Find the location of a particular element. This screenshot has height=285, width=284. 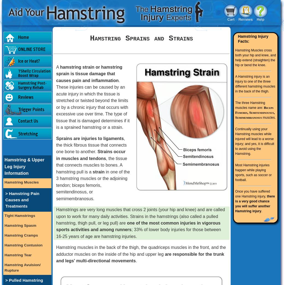

'Sprains are injuries to ligaments' is located at coordinates (90, 138).